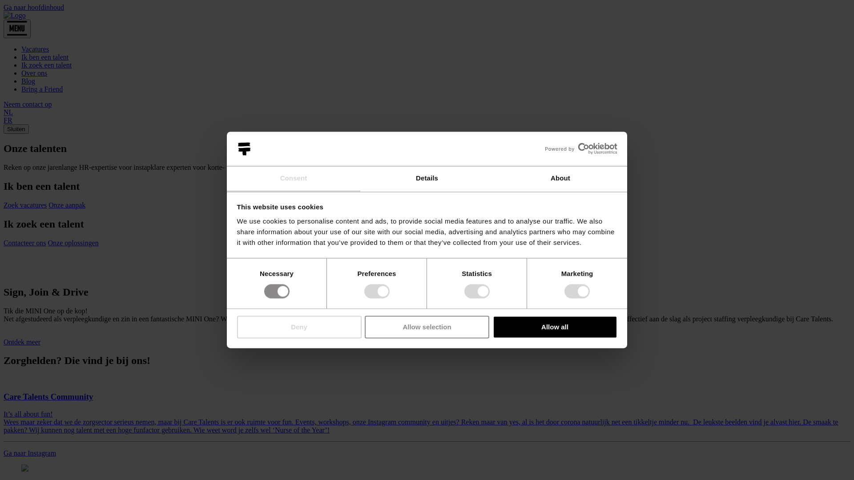 The width and height of the screenshot is (854, 480). I want to click on 'NL', so click(8, 112).